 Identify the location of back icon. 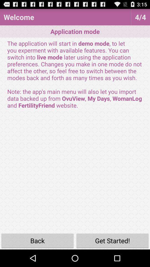
(37, 240).